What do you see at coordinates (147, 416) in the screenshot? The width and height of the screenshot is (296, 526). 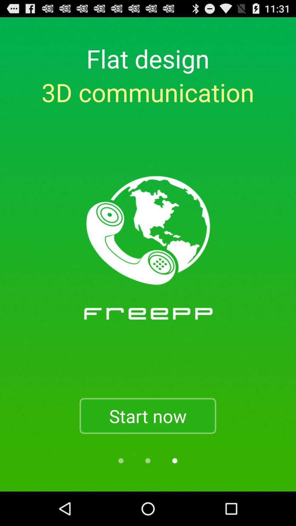 I see `the start now item` at bounding box center [147, 416].